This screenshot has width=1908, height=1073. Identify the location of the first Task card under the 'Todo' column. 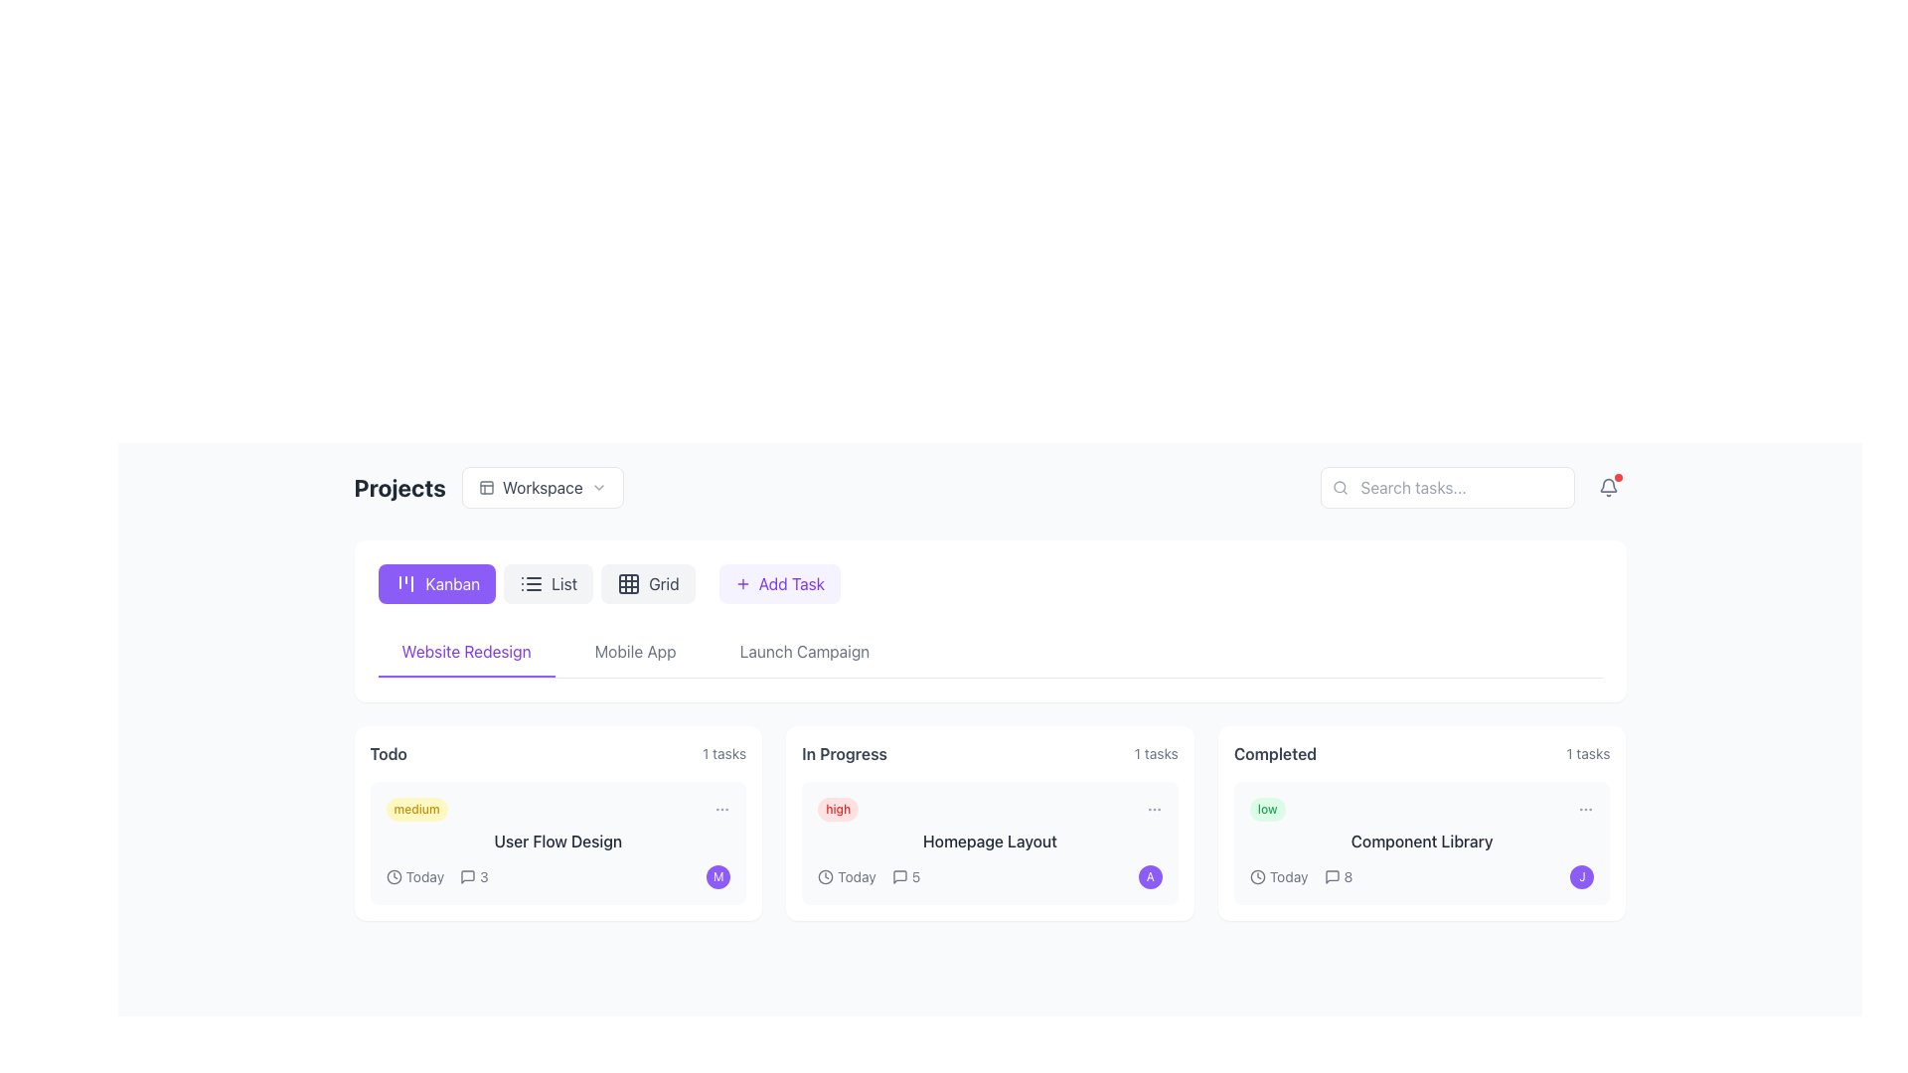
(556, 843).